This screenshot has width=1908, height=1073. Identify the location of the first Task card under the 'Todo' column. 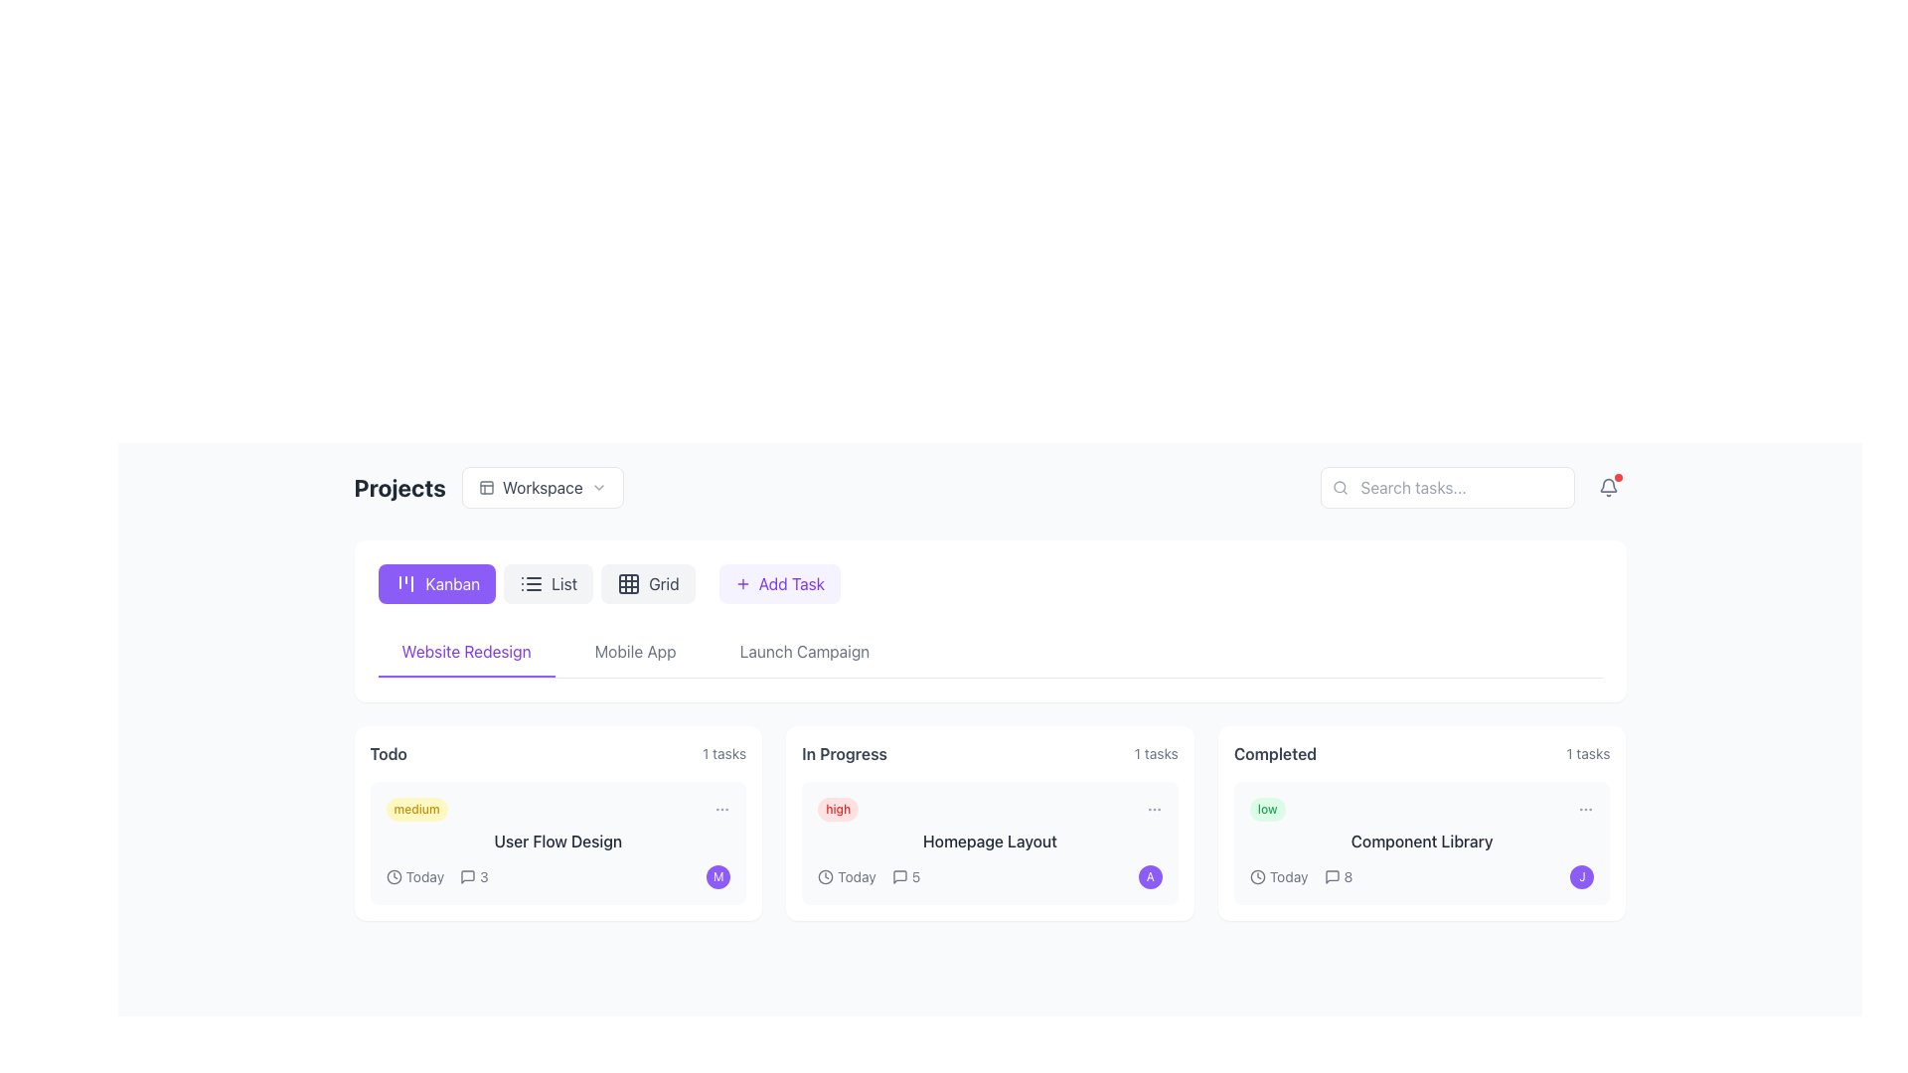
(556, 843).